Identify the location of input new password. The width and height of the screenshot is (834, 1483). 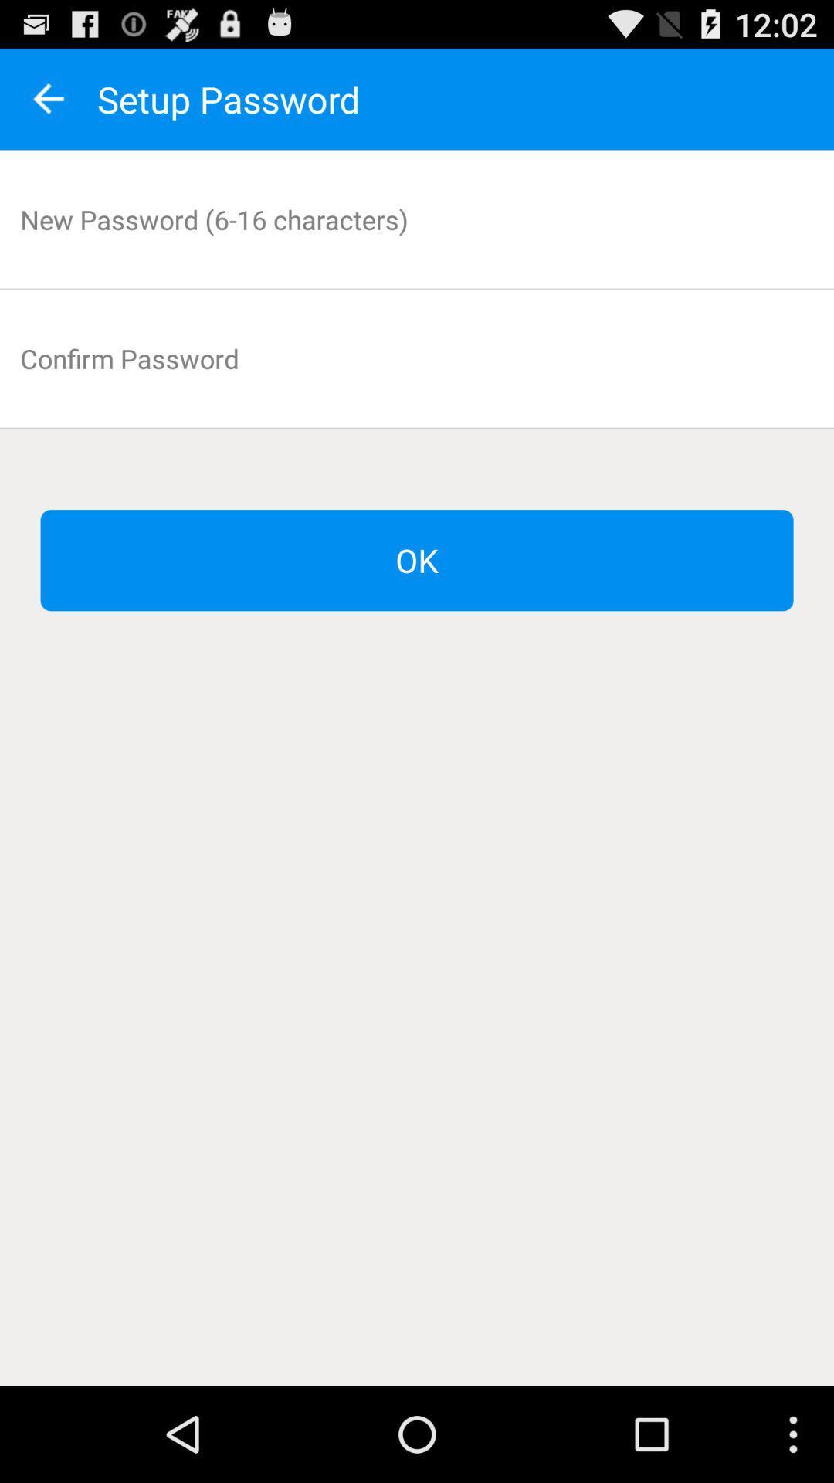
(417, 219).